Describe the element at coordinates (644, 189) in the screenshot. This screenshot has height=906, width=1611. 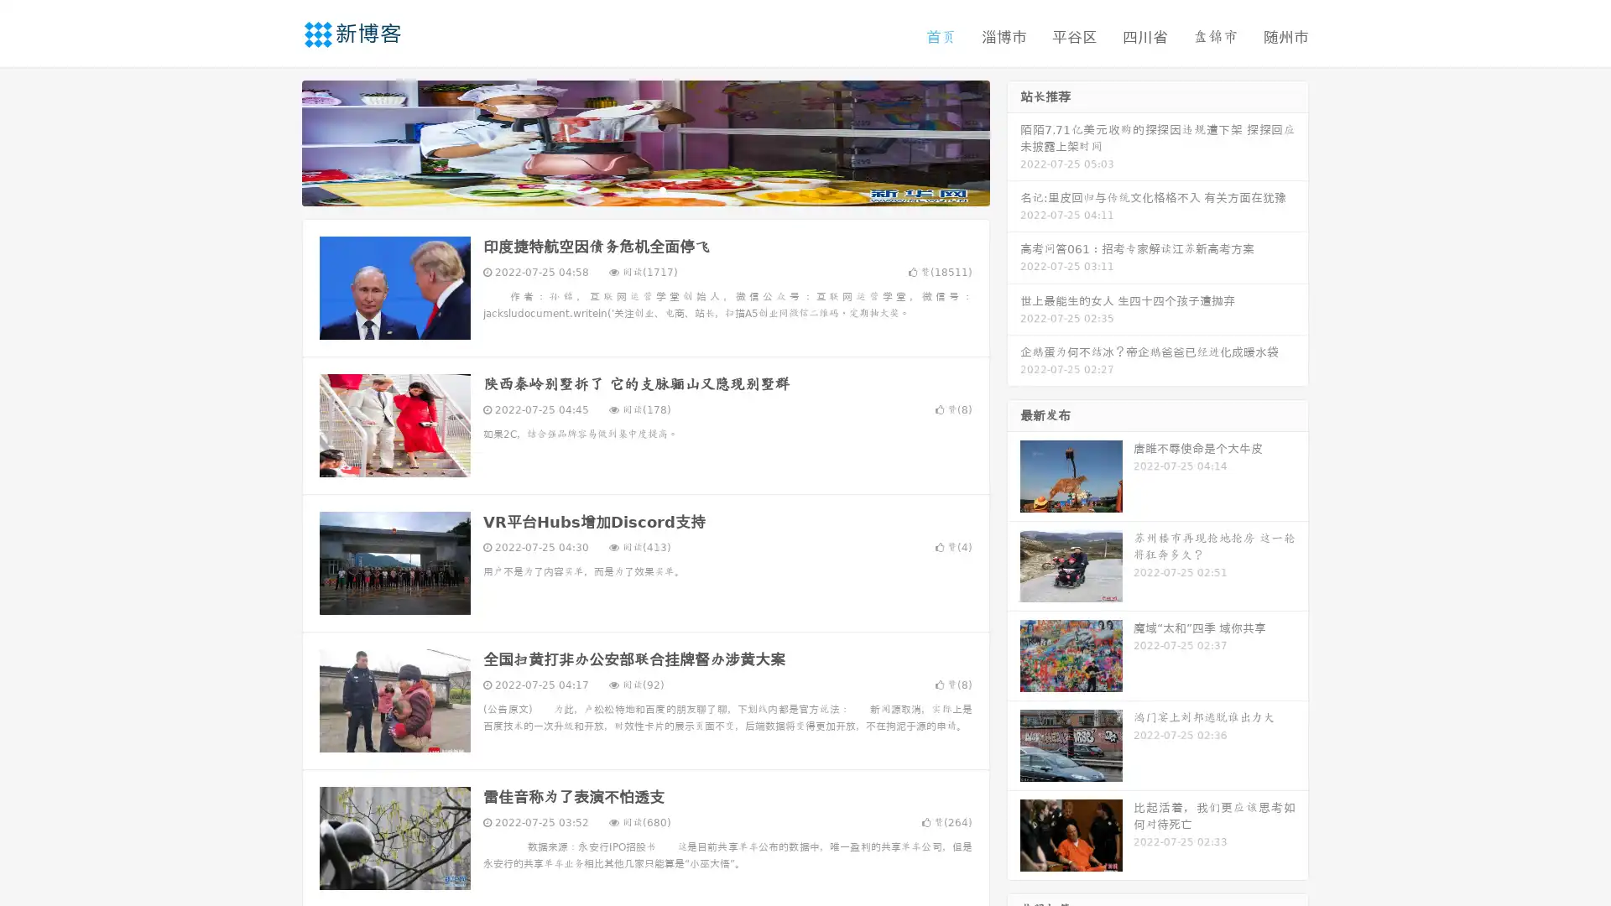
I see `Go to slide 2` at that location.